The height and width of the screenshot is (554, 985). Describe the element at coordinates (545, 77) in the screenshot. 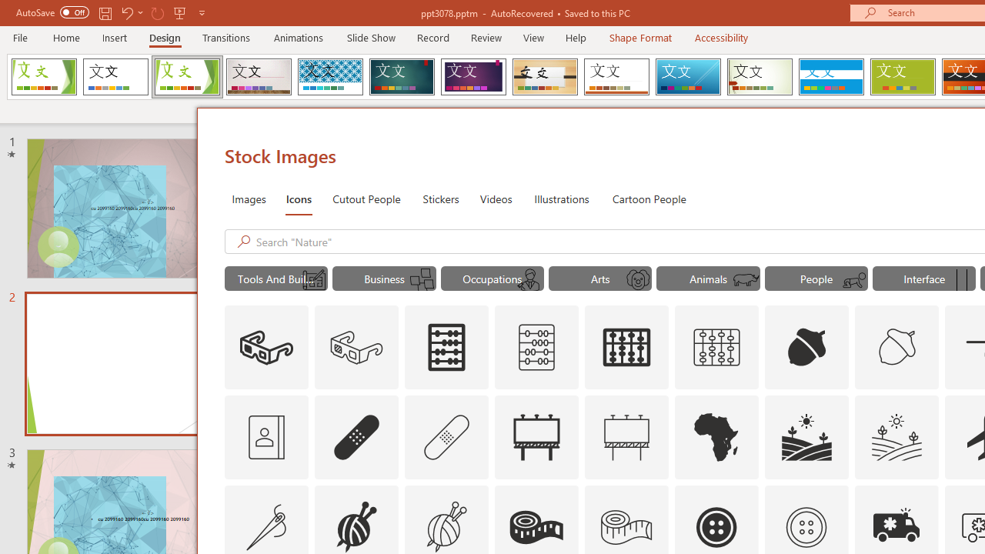

I see `'Organic'` at that location.